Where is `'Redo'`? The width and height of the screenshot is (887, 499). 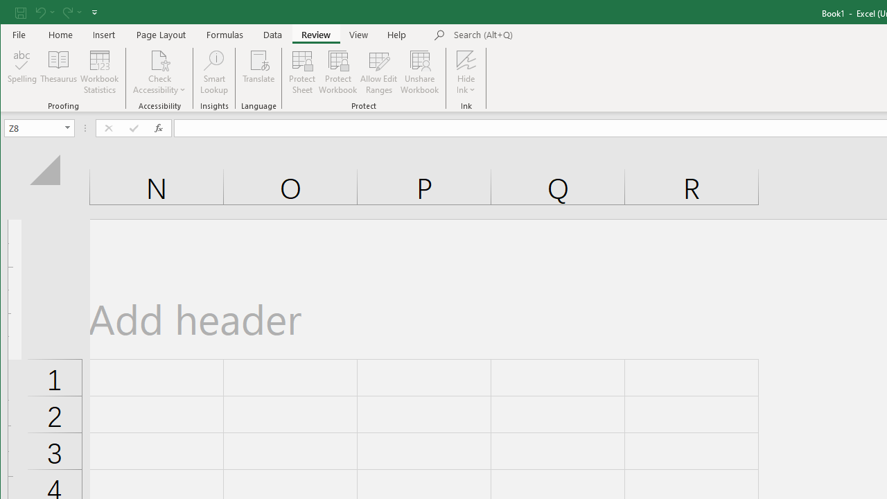 'Redo' is located at coordinates (71, 12).